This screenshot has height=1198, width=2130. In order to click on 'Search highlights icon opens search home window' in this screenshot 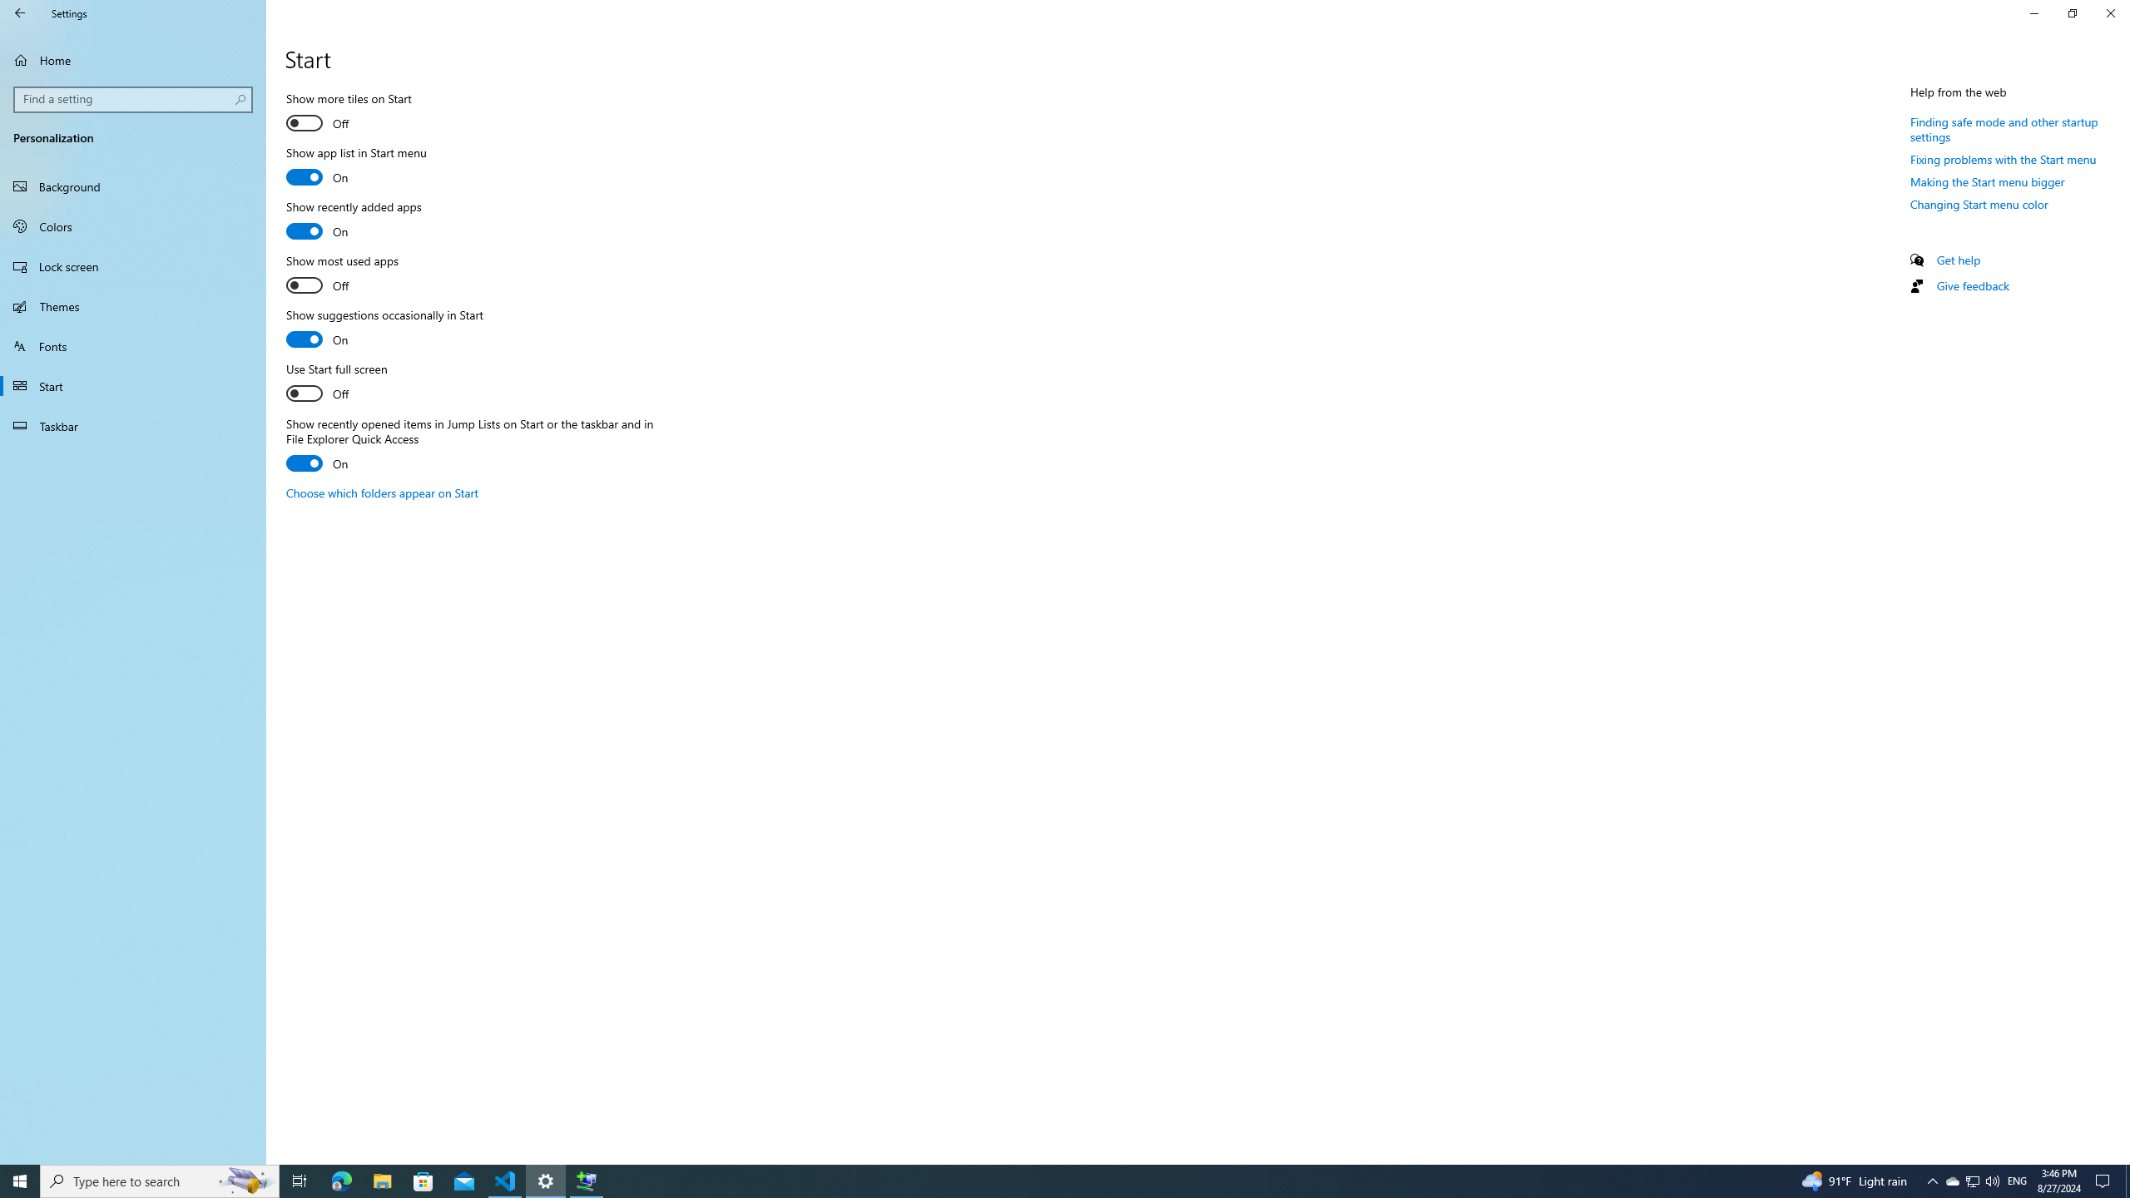, I will do `click(245, 1180)`.